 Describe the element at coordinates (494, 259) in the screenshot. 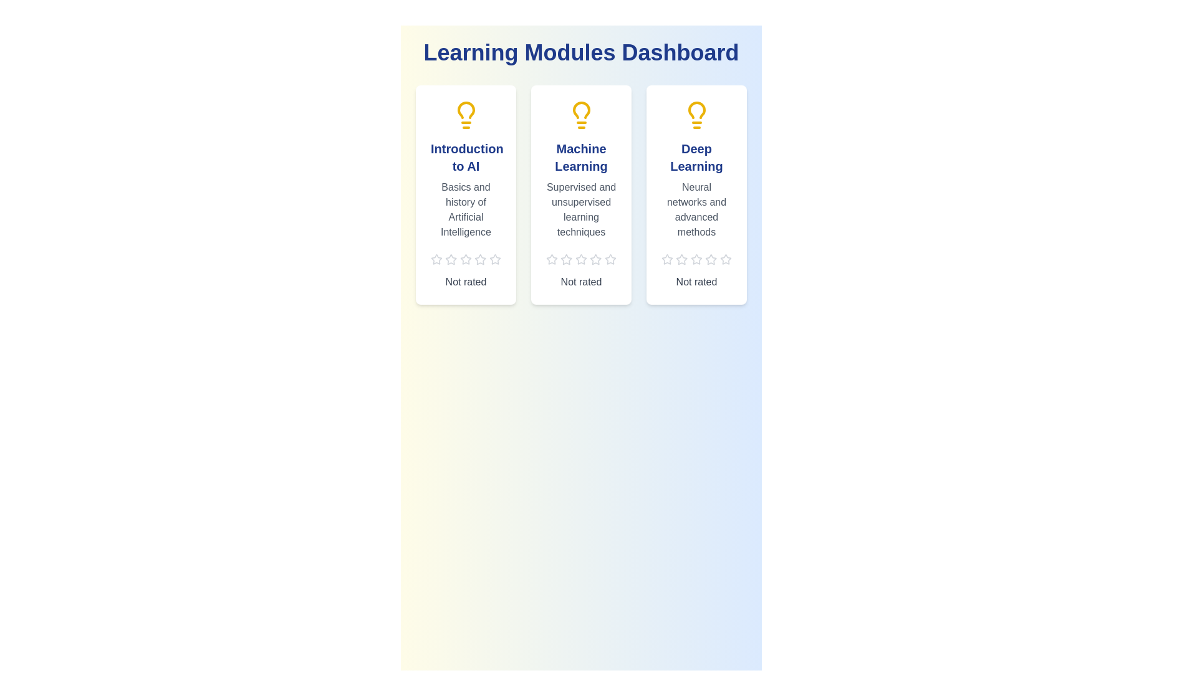

I see `the star corresponding to 5 stars to preview the rating` at that location.